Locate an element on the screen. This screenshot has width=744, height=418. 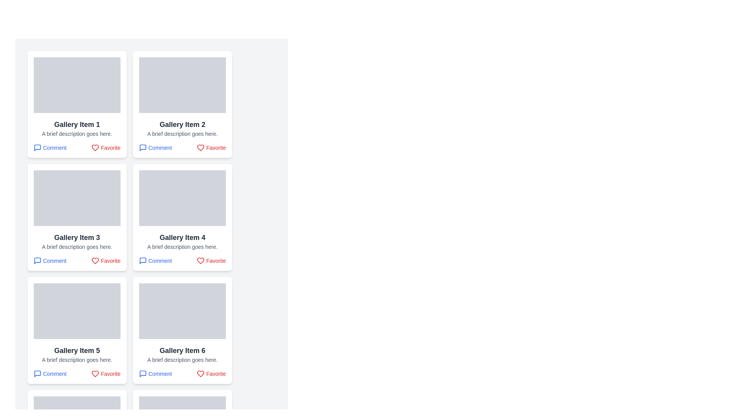
the heart icon representing the 'favorite' functionality located in the bottom right corner of the 'Gallery Item 6' card is located at coordinates (201, 373).